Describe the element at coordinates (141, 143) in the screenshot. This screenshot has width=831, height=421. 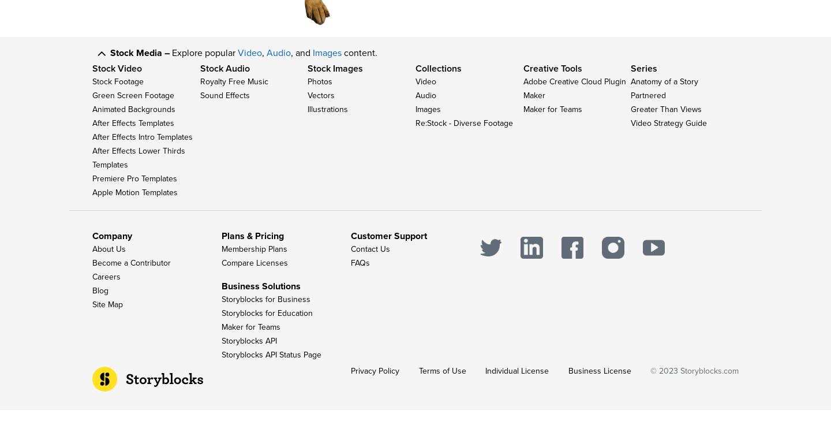
I see `'After Effects Intro Templates'` at that location.